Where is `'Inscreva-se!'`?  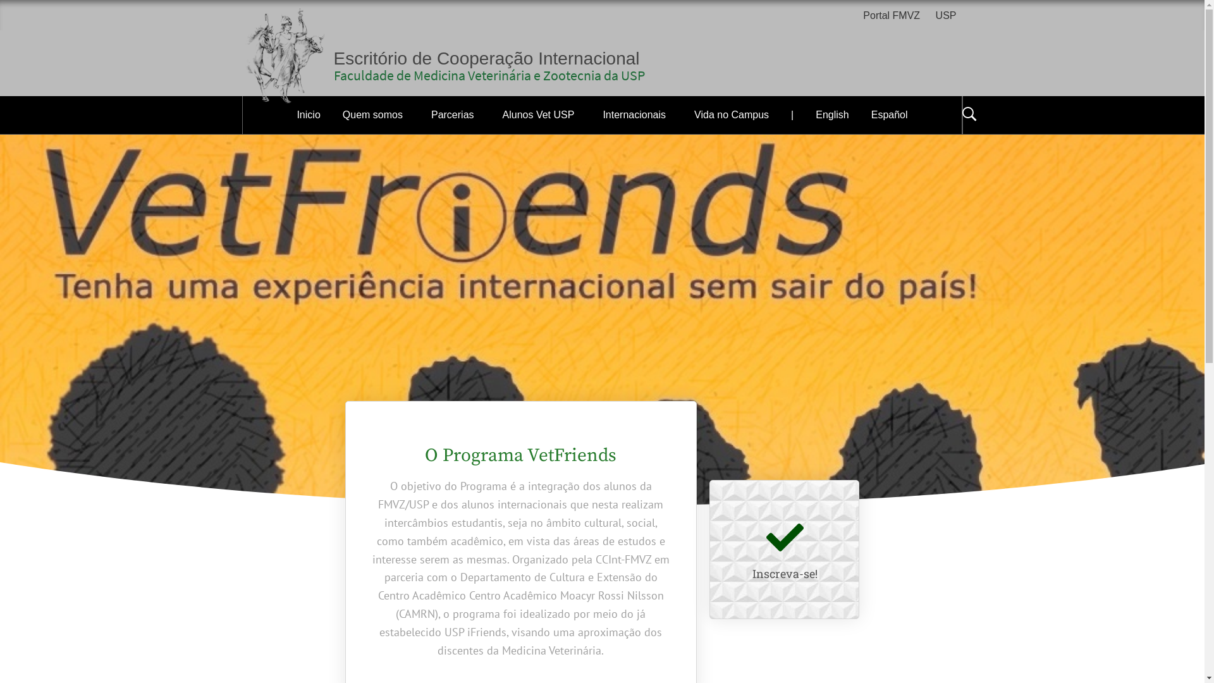
'Inscreva-se!' is located at coordinates (784, 573).